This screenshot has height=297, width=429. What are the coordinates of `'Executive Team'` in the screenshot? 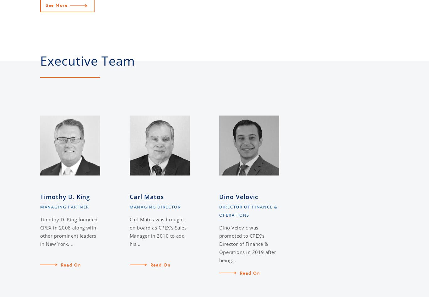 It's located at (87, 61).